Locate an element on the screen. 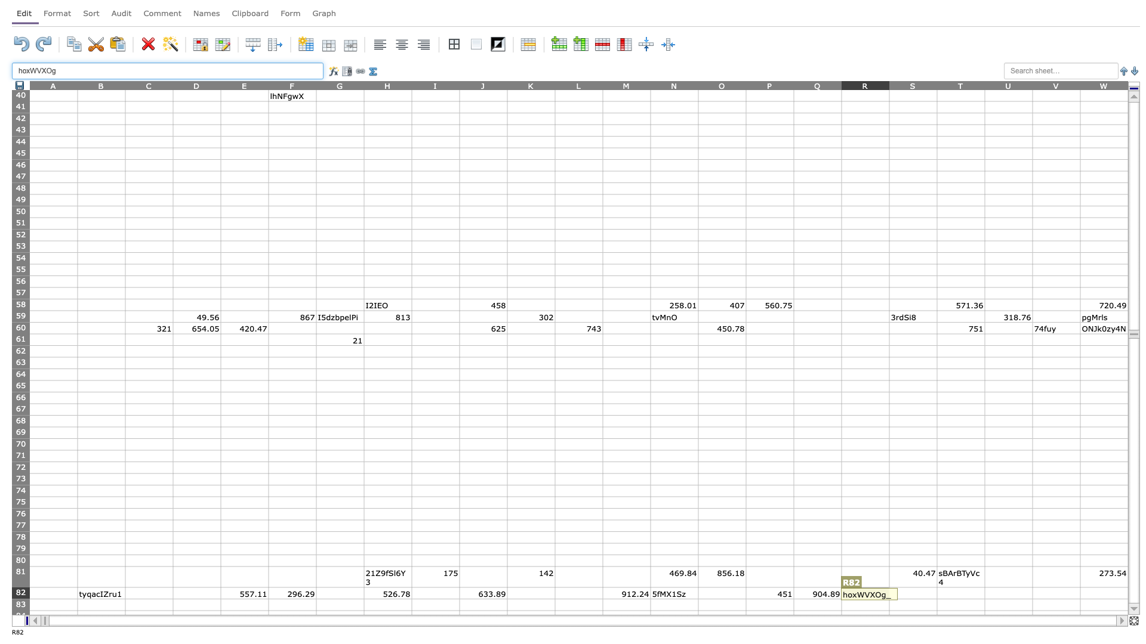 Image resolution: width=1146 pixels, height=644 pixels. right border of T82 is located at coordinates (985, 593).